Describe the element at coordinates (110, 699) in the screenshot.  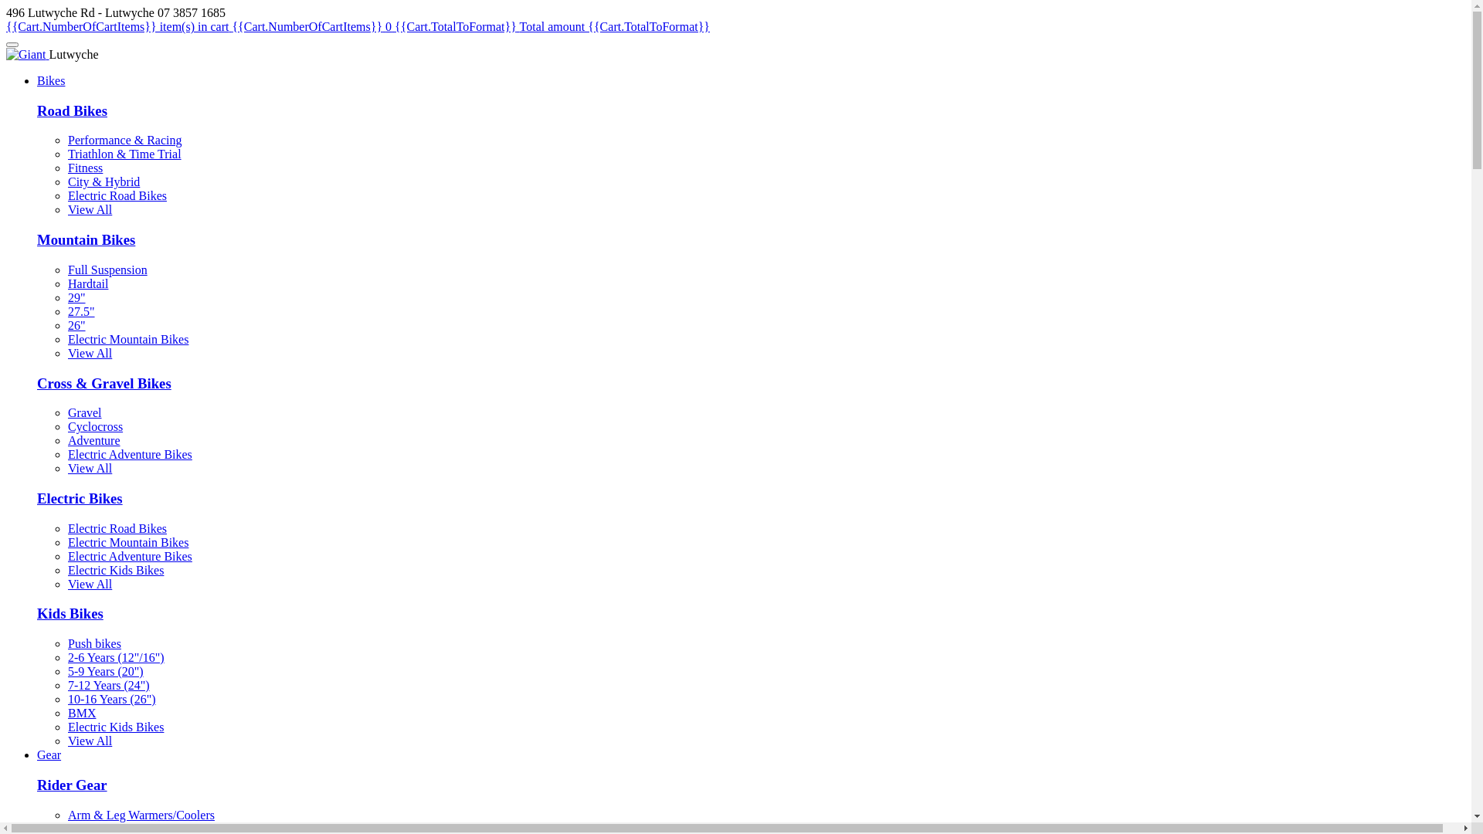
I see `'10-16 Years (26")'` at that location.